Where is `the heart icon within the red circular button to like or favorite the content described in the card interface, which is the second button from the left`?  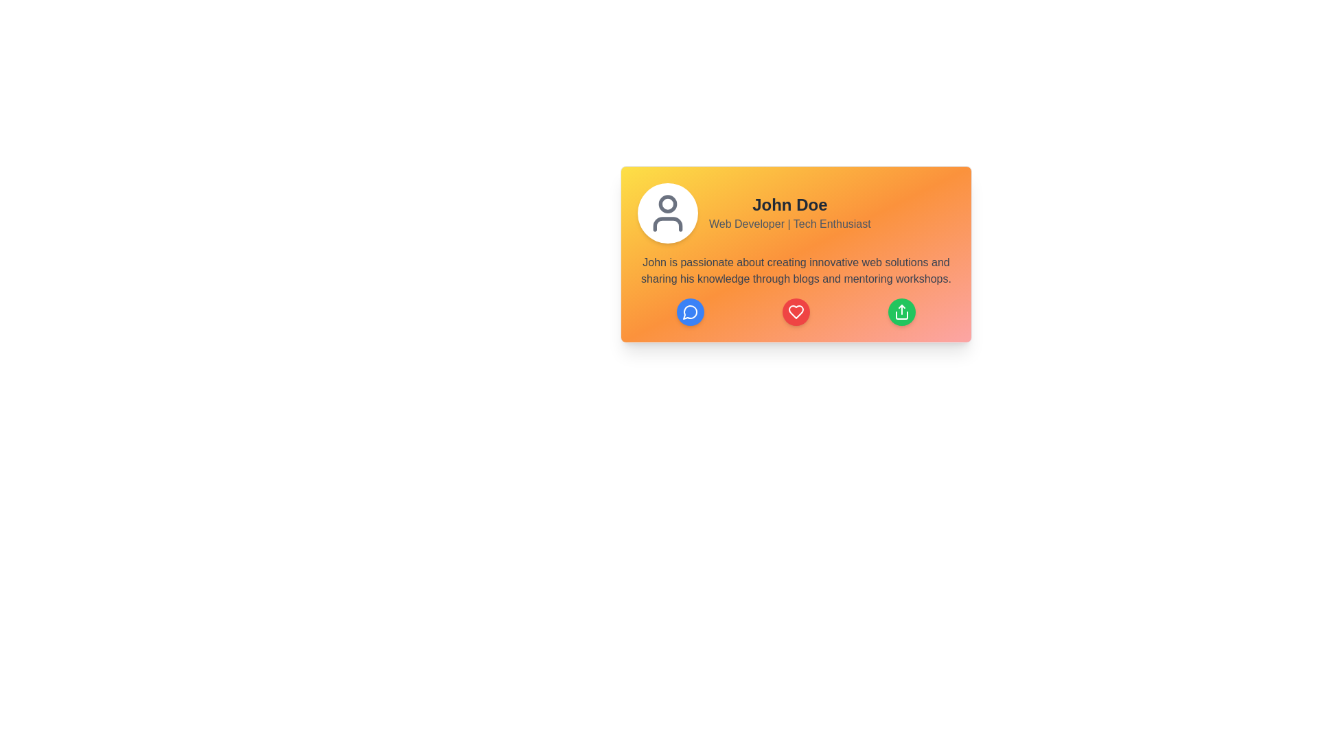 the heart icon within the red circular button to like or favorite the content described in the card interface, which is the second button from the left is located at coordinates (796, 312).